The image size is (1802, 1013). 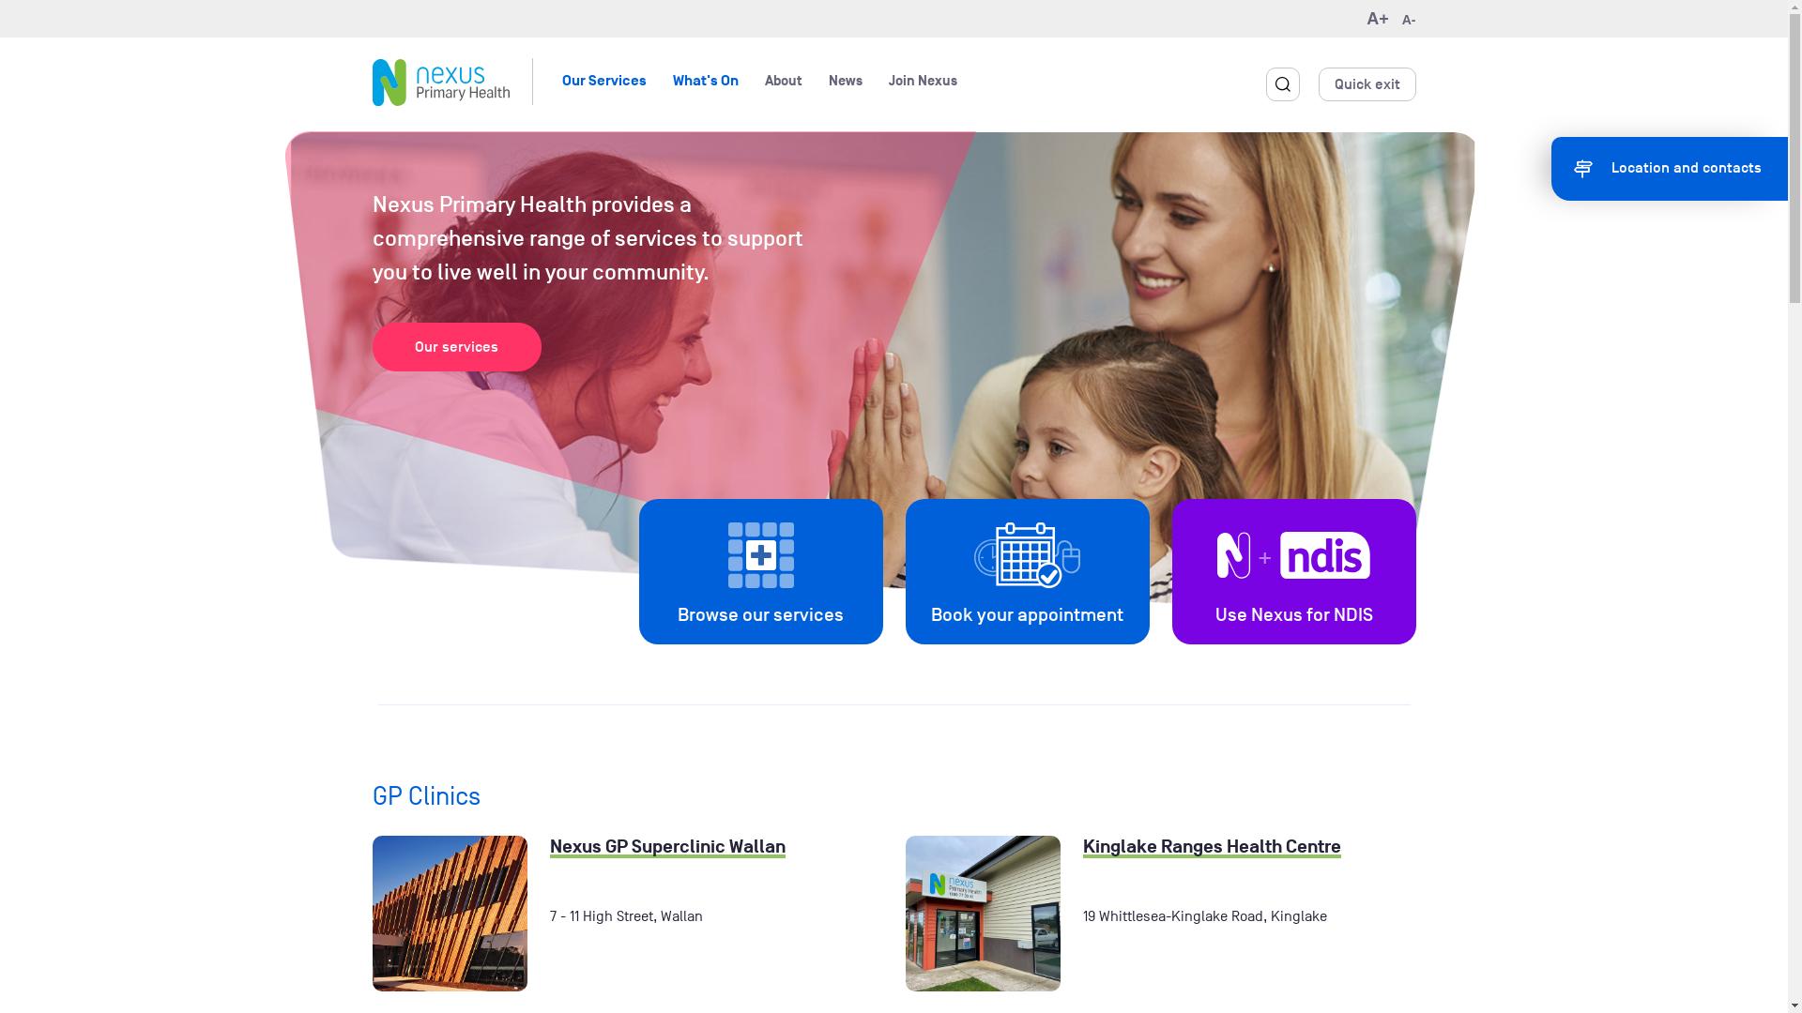 I want to click on 'Our Services', so click(x=603, y=80).